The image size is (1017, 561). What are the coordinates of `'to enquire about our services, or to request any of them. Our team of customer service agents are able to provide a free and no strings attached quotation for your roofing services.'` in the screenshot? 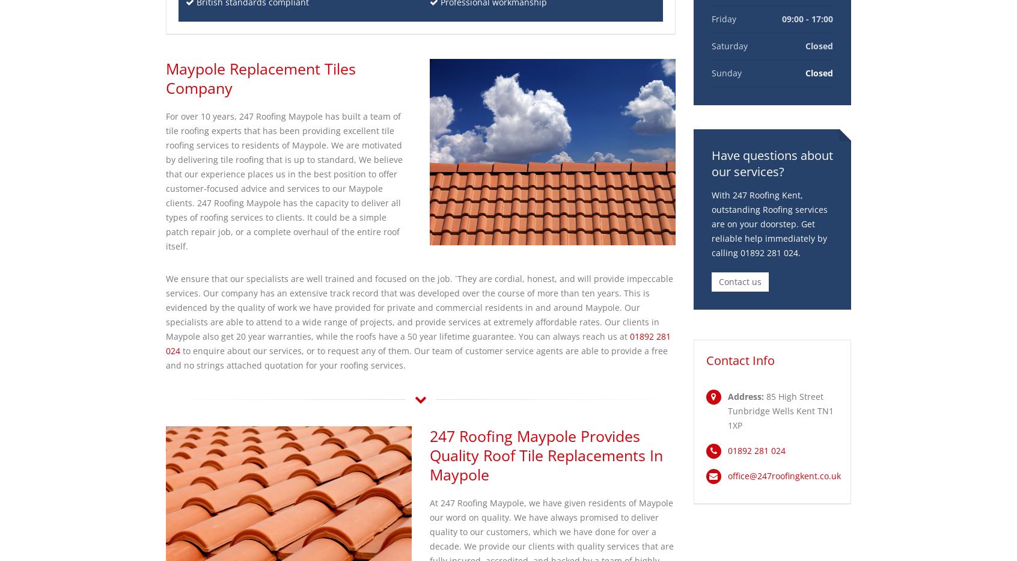 It's located at (417, 358).